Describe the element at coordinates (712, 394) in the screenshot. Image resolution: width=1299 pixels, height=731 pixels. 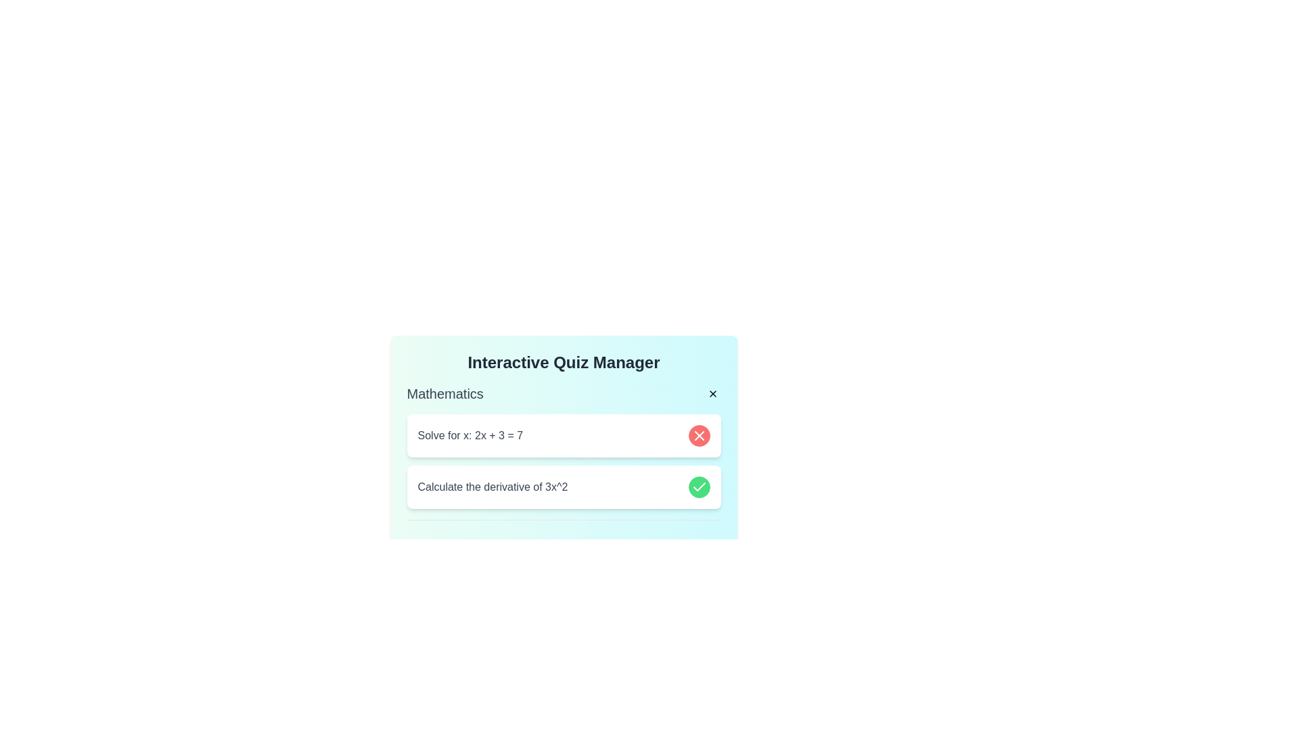
I see `the small square button with an 'X' icon located to the right of the 'Mathematics' label` at that location.